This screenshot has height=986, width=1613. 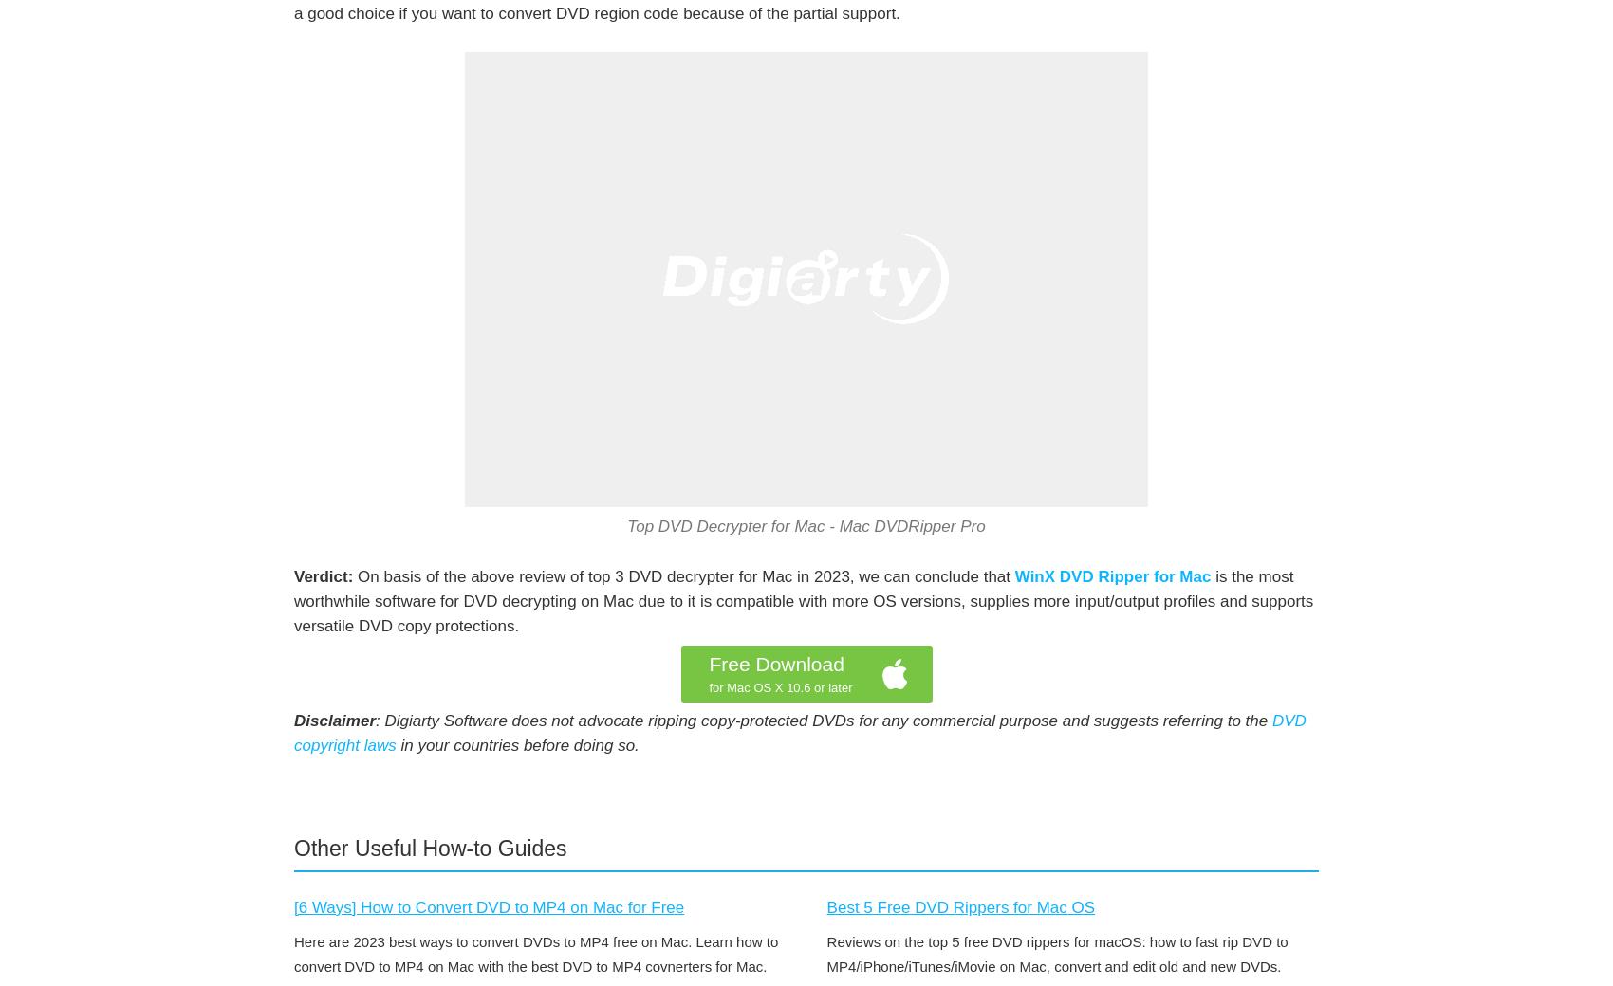 I want to click on 'Verdict:', so click(x=294, y=575).